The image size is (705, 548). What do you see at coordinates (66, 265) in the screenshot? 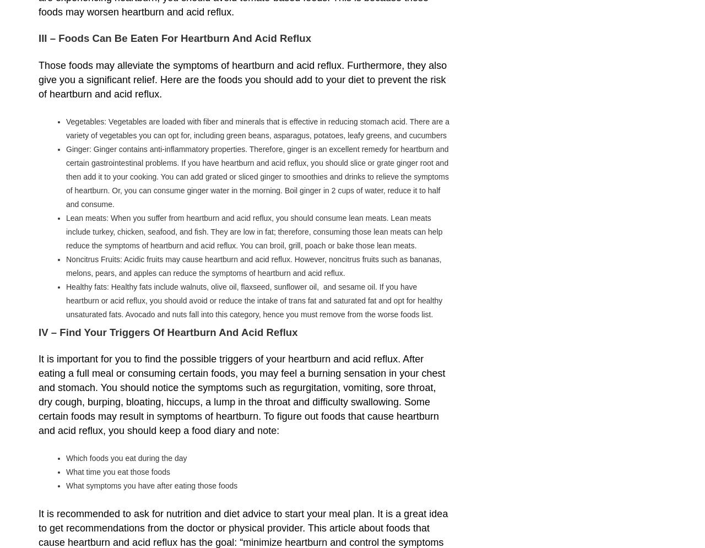
I see `'Noncitrus Fruits: Acidic fruits may cause heartburn and acid reflux. However, noncitrus fruits such as bananas, melons, pears, and apples can reduce the symptoms of heartburn and acid reflux.'` at bounding box center [66, 265].